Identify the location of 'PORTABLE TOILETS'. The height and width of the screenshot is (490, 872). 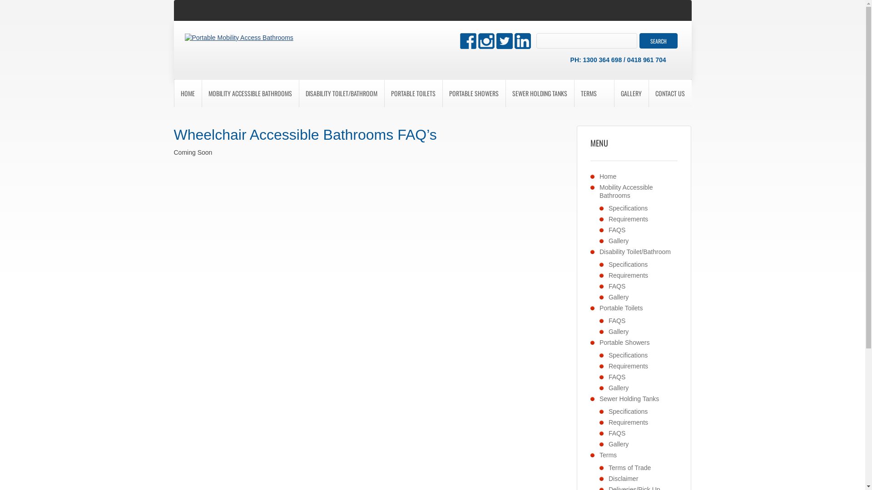
(413, 93).